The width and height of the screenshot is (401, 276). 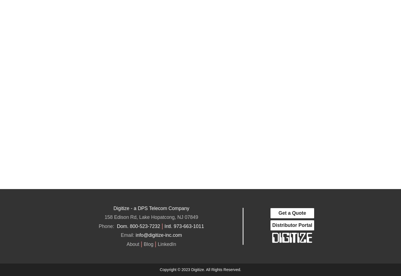 What do you see at coordinates (132, 244) in the screenshot?
I see `'About'` at bounding box center [132, 244].